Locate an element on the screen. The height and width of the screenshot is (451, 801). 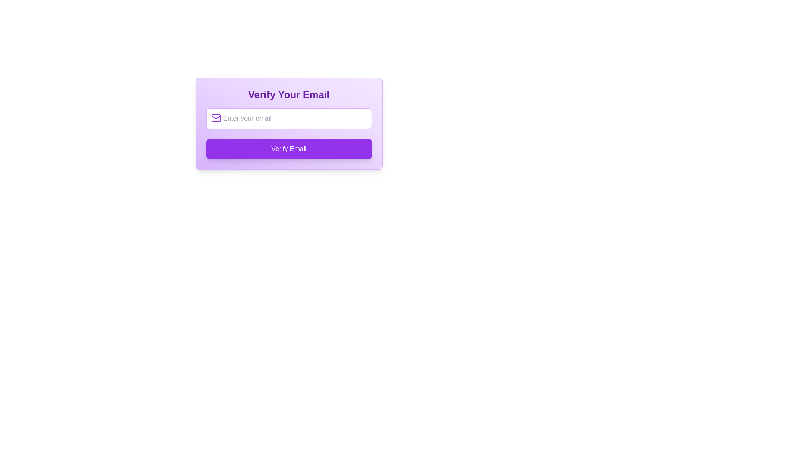
the input field within the 'Verify Your Email' panel to type an email address is located at coordinates (289, 124).